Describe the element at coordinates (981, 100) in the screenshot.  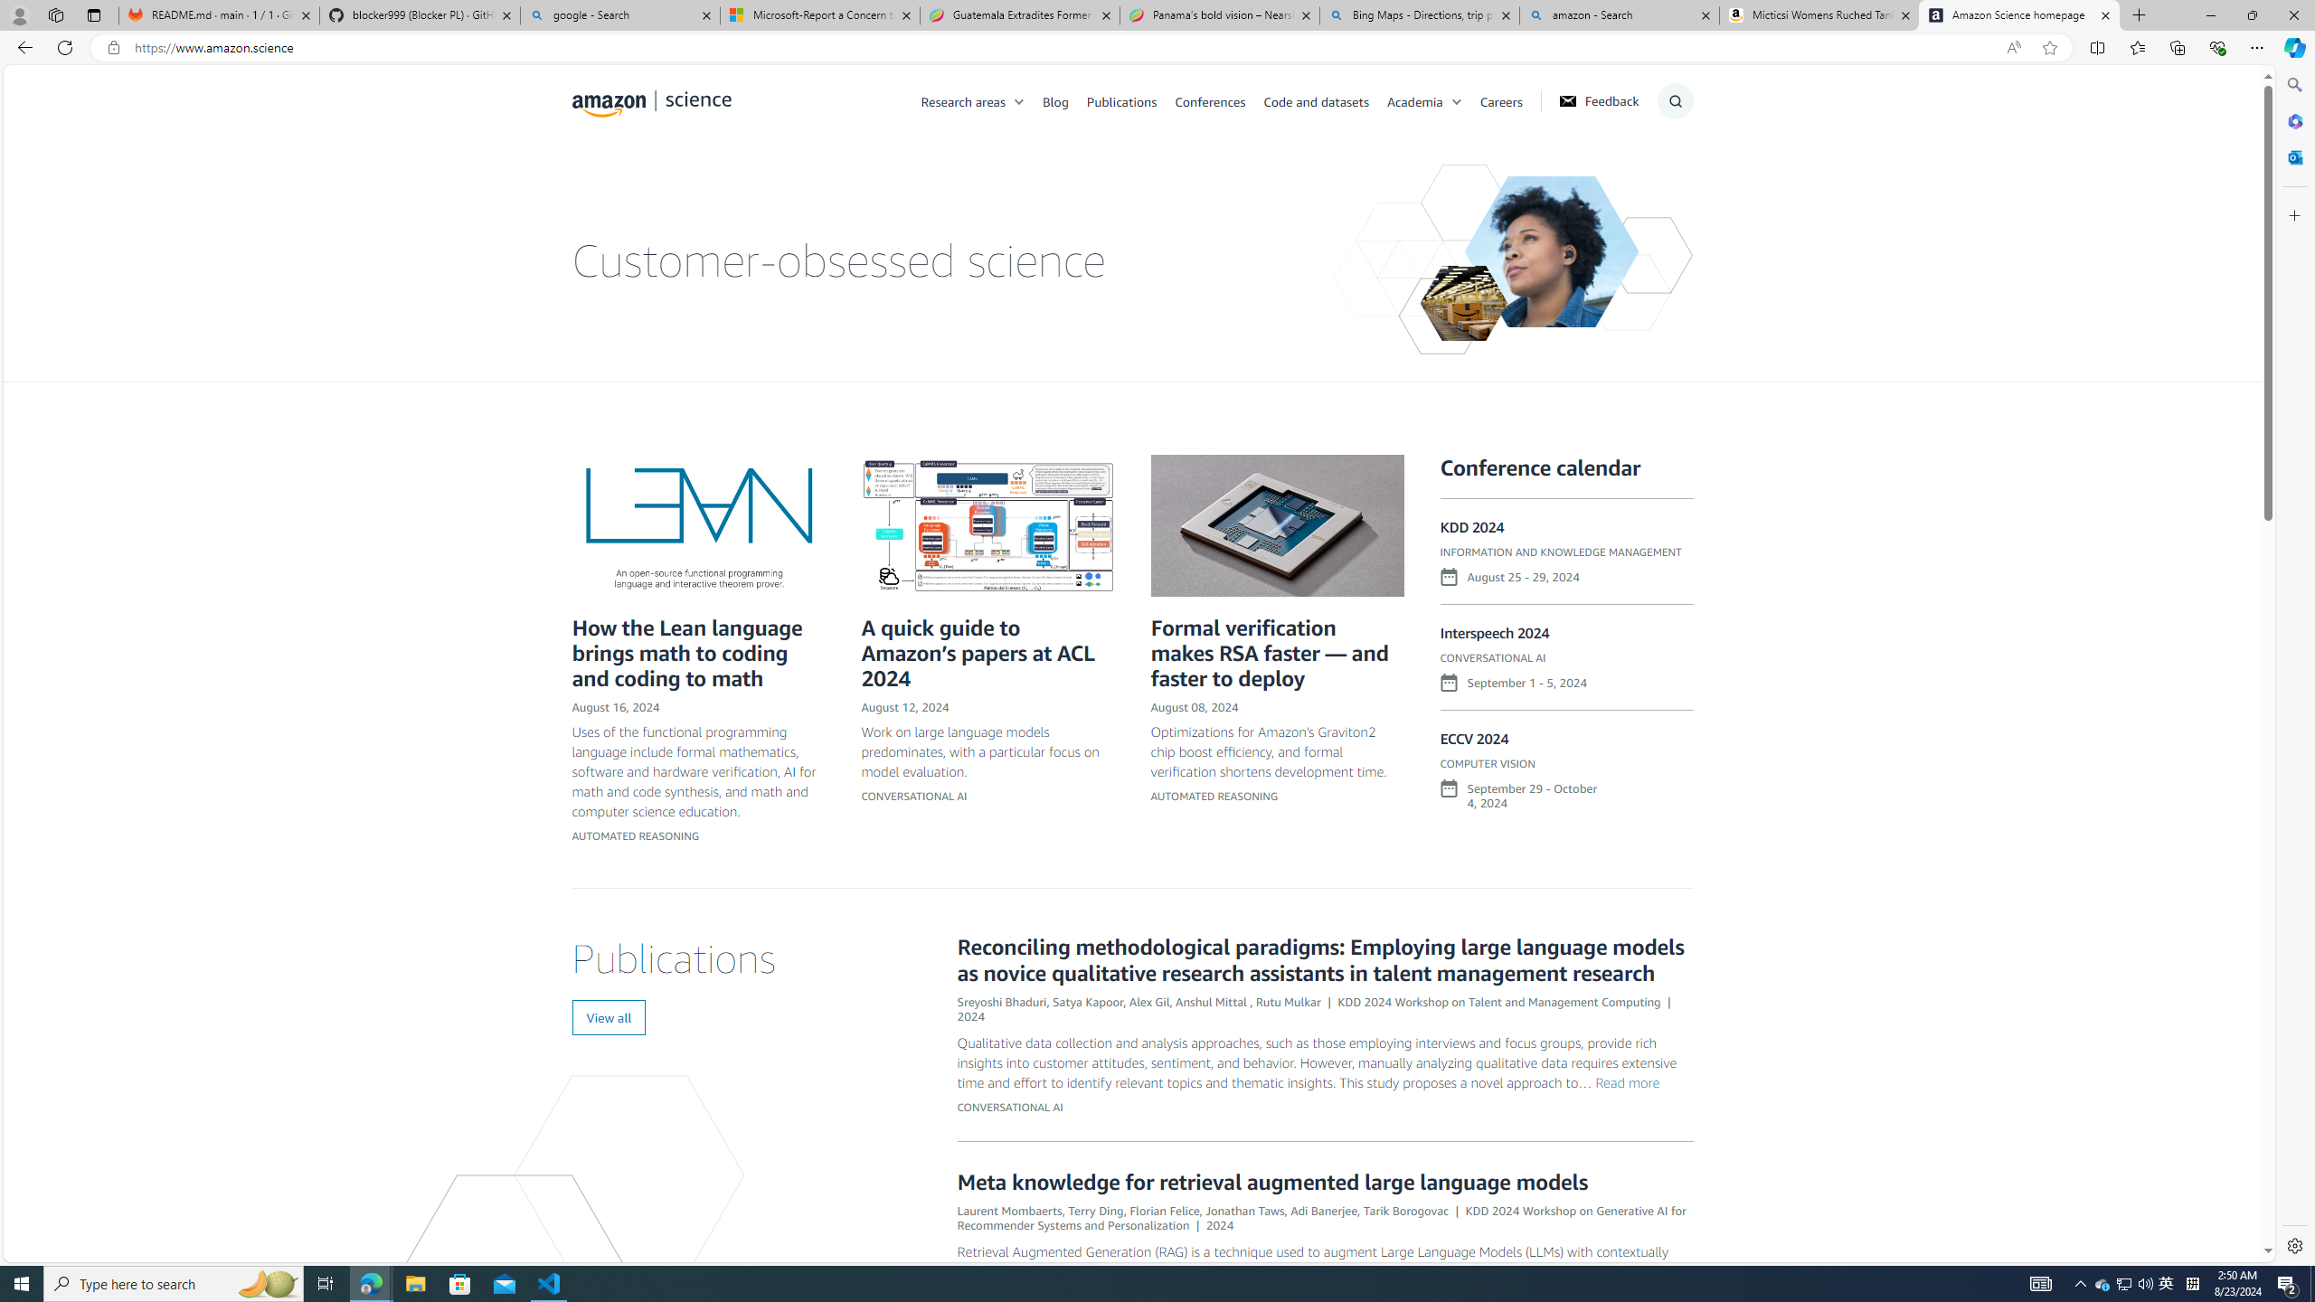
I see `'Research areas'` at that location.